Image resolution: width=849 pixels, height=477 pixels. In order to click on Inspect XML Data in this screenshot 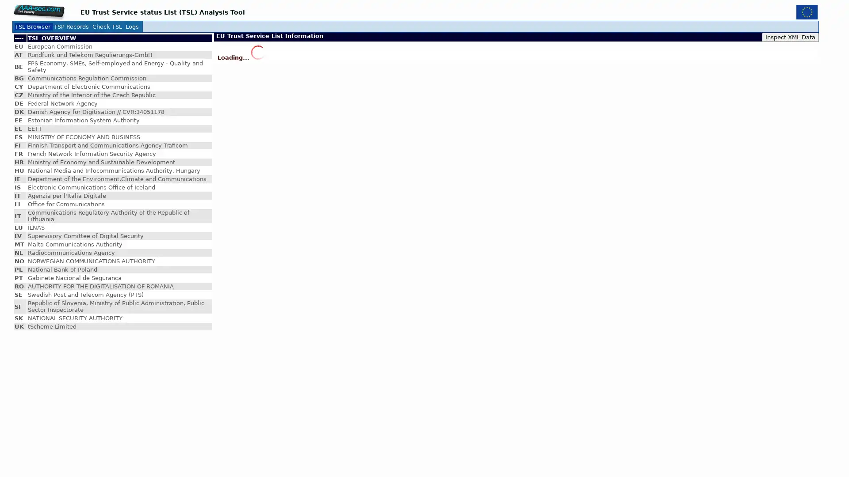, I will do `click(790, 37)`.